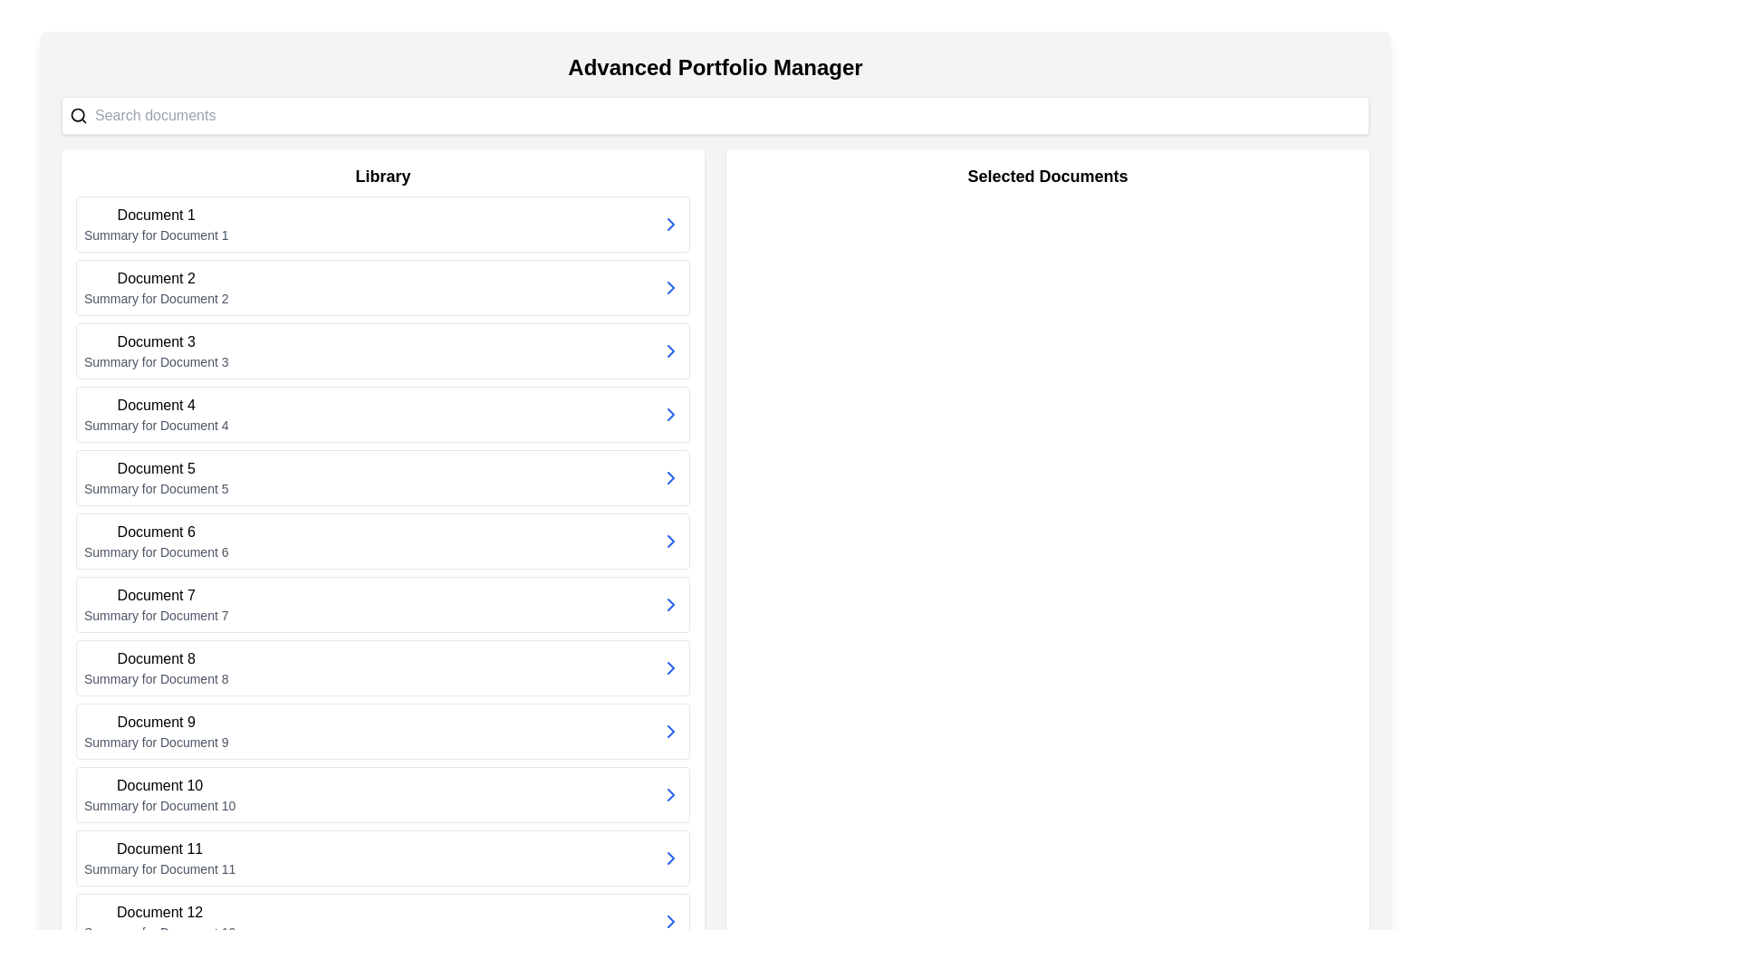  What do you see at coordinates (159, 849) in the screenshot?
I see `the text label that serves as the title for the document item in the eleventh entry of the Library section` at bounding box center [159, 849].